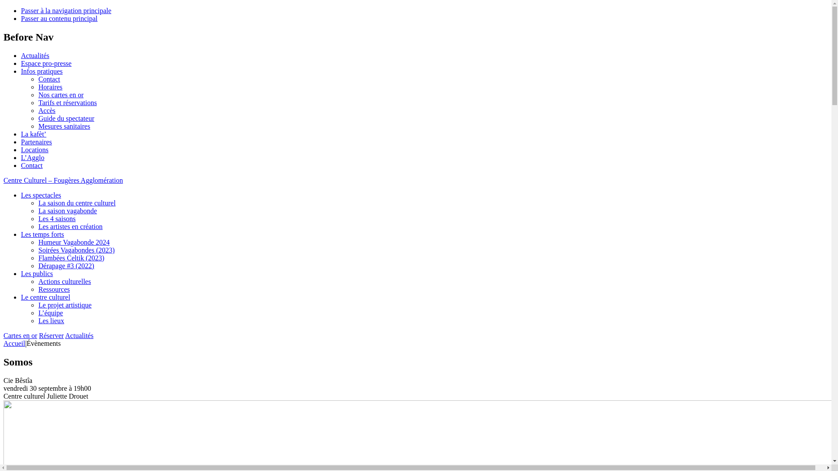  What do you see at coordinates (36, 273) in the screenshot?
I see `'Les publics'` at bounding box center [36, 273].